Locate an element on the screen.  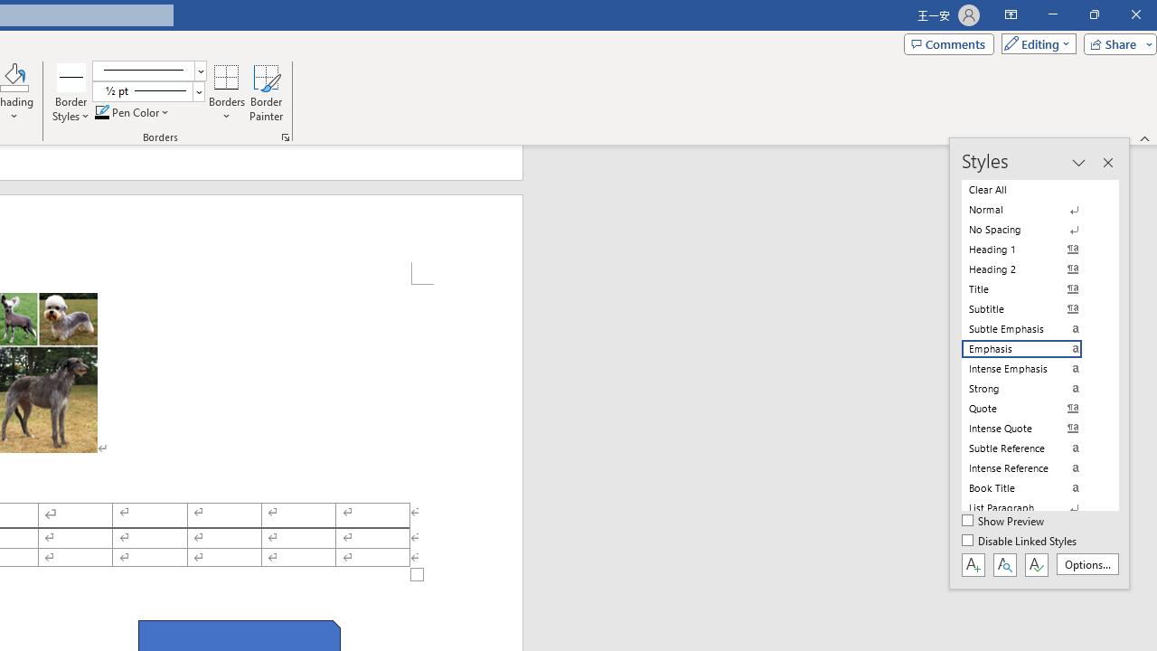
'Heading 1' is located at coordinates (1032, 250).